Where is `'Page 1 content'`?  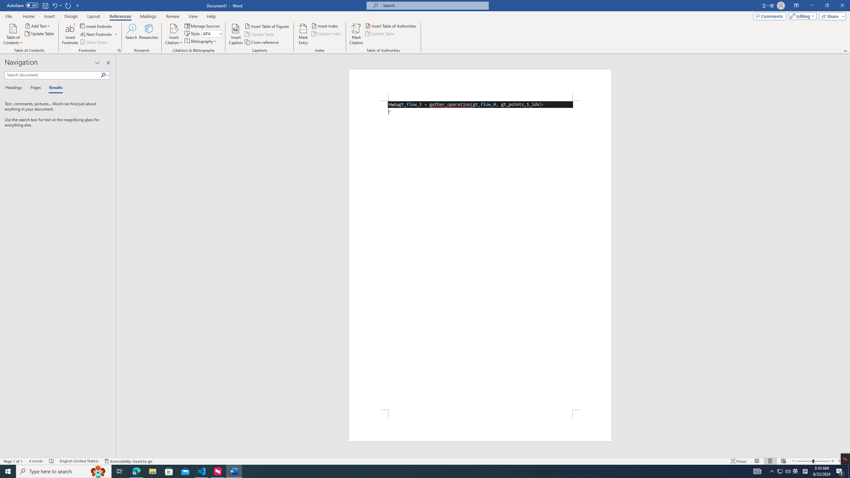 'Page 1 content' is located at coordinates (480, 255).